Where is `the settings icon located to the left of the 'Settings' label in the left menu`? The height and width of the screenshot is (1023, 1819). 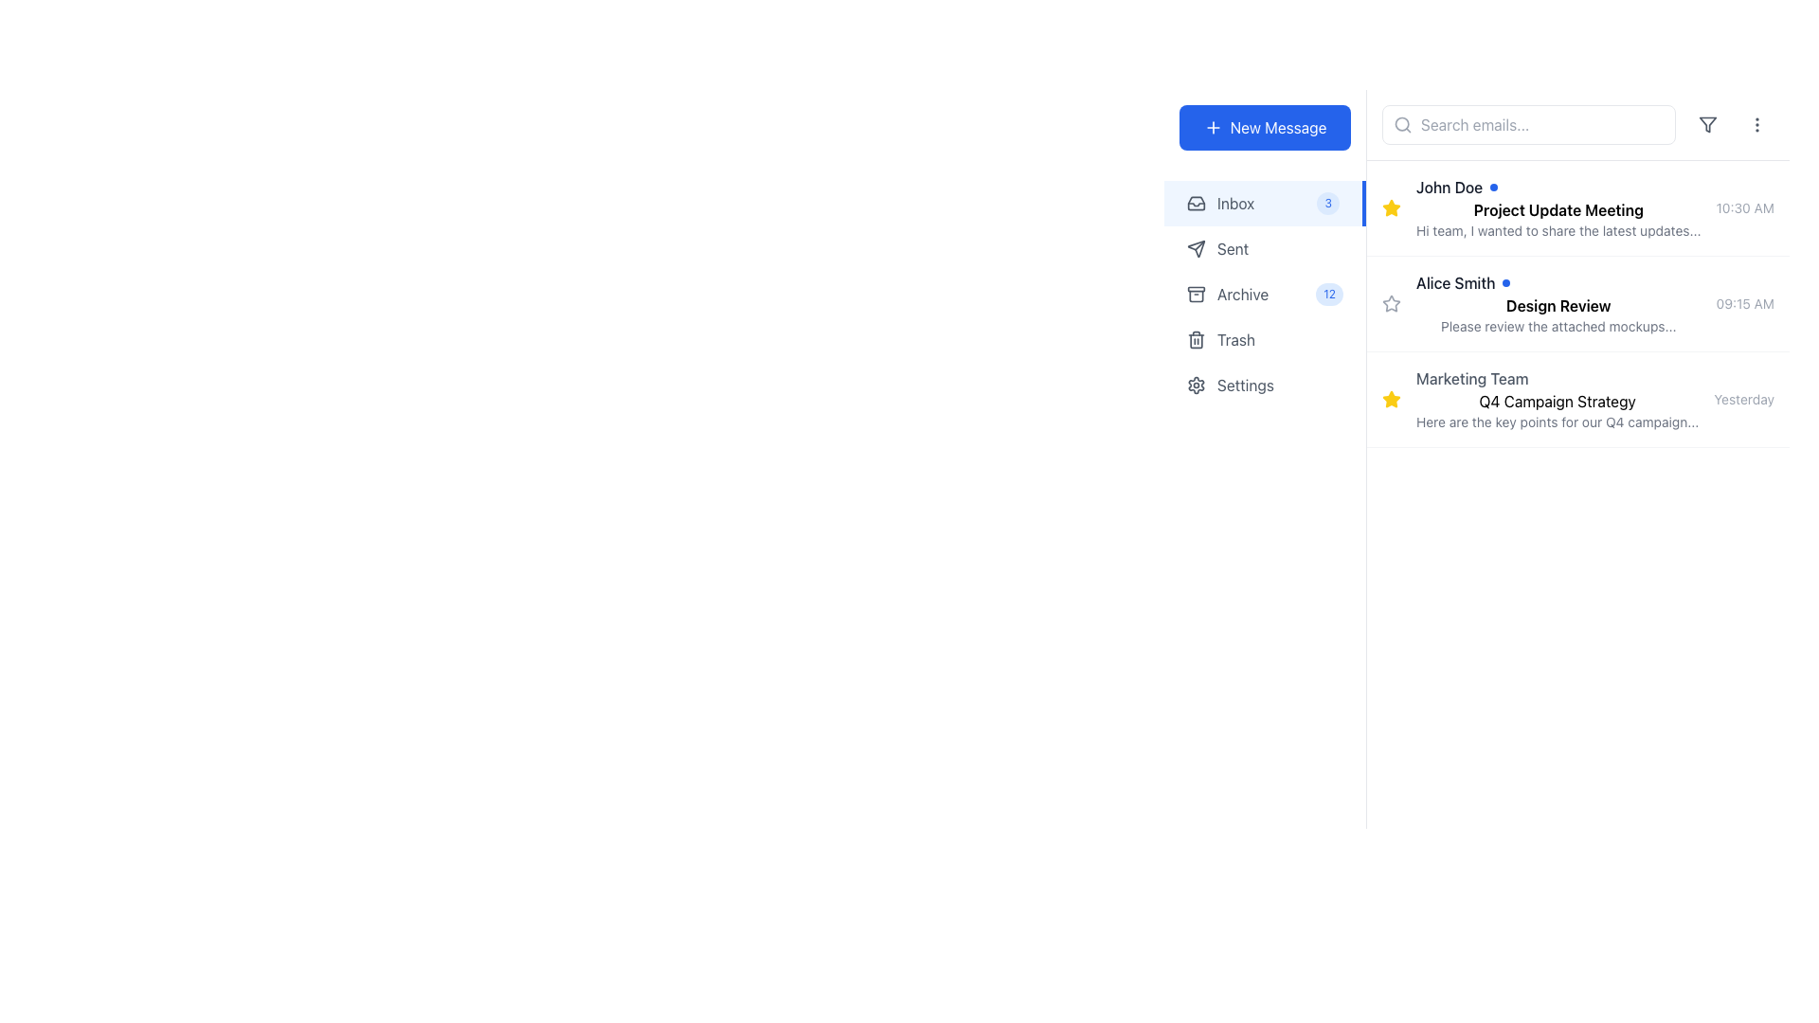 the settings icon located to the left of the 'Settings' label in the left menu is located at coordinates (1195, 385).